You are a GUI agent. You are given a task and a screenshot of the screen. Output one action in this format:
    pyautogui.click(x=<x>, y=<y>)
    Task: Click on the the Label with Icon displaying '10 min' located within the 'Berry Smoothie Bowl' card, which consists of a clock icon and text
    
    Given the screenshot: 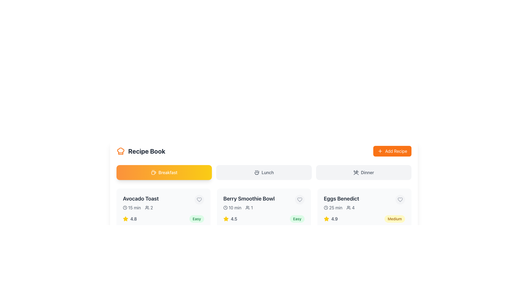 What is the action you would take?
    pyautogui.click(x=232, y=207)
    